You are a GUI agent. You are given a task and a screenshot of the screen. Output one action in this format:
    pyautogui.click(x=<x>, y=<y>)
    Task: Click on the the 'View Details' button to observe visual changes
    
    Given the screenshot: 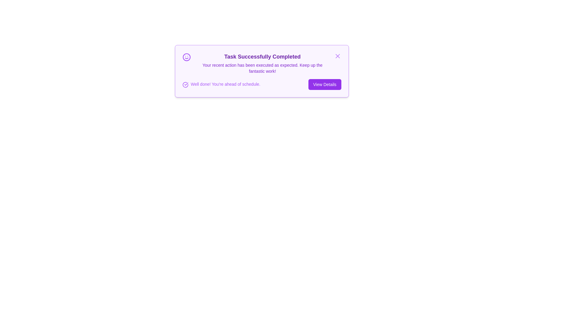 What is the action you would take?
    pyautogui.click(x=324, y=85)
    